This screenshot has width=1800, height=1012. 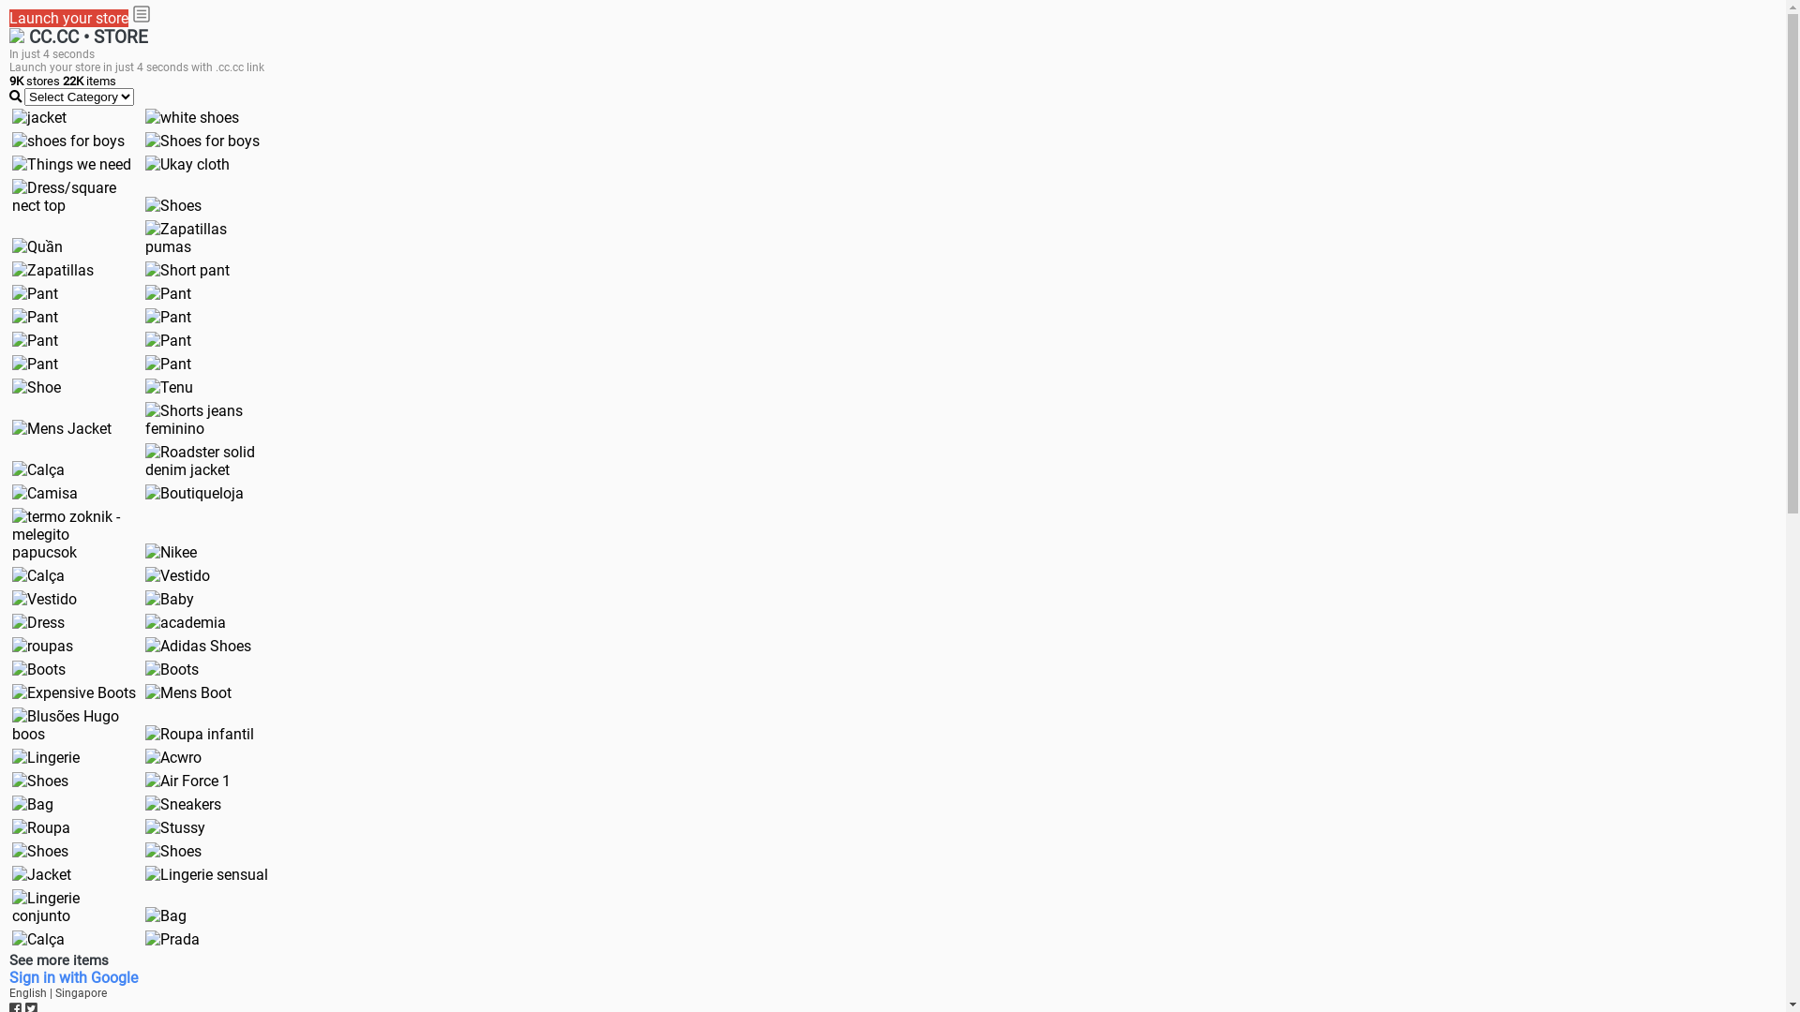 What do you see at coordinates (168, 293) in the screenshot?
I see `'Pant'` at bounding box center [168, 293].